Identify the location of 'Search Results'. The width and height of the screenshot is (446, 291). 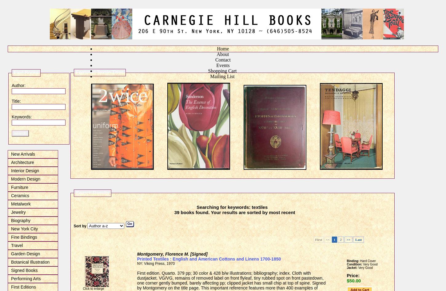
(76, 192).